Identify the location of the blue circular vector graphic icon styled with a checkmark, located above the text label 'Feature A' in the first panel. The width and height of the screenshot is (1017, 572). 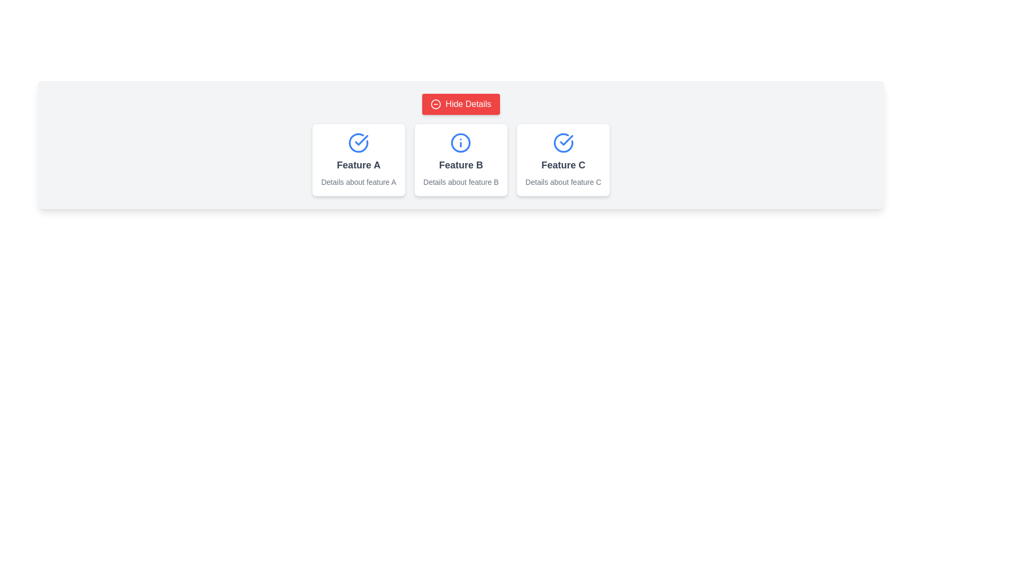
(359, 143).